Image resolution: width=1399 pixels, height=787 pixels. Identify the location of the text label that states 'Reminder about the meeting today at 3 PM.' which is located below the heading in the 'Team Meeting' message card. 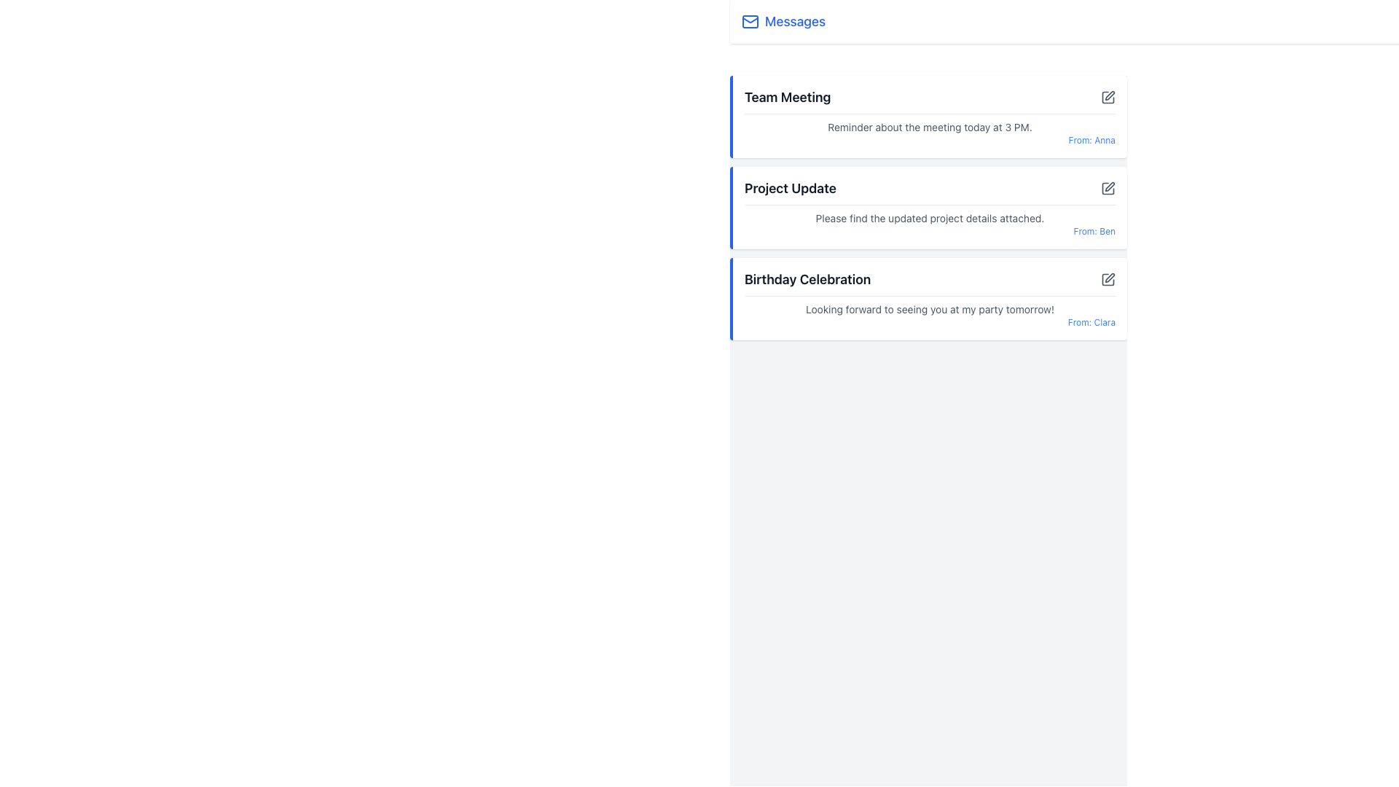
(929, 123).